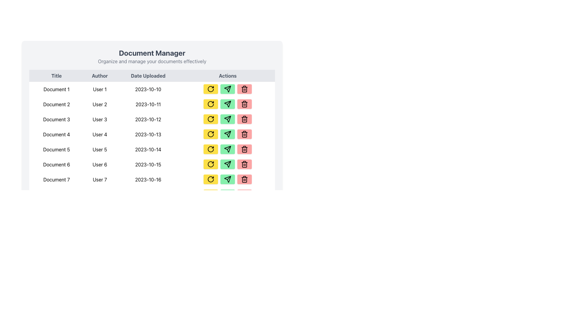 The height and width of the screenshot is (325, 579). Describe the element at coordinates (227, 104) in the screenshot. I see `the second icon from the left in the 'Actions' section of the table corresponding to 'Document 5'` at that location.